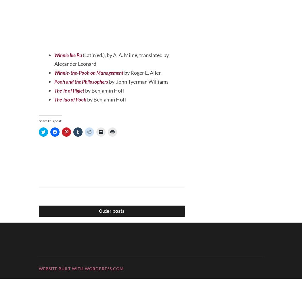 Image resolution: width=302 pixels, height=299 pixels. I want to click on 'The Tao of Pooh', so click(71, 120).